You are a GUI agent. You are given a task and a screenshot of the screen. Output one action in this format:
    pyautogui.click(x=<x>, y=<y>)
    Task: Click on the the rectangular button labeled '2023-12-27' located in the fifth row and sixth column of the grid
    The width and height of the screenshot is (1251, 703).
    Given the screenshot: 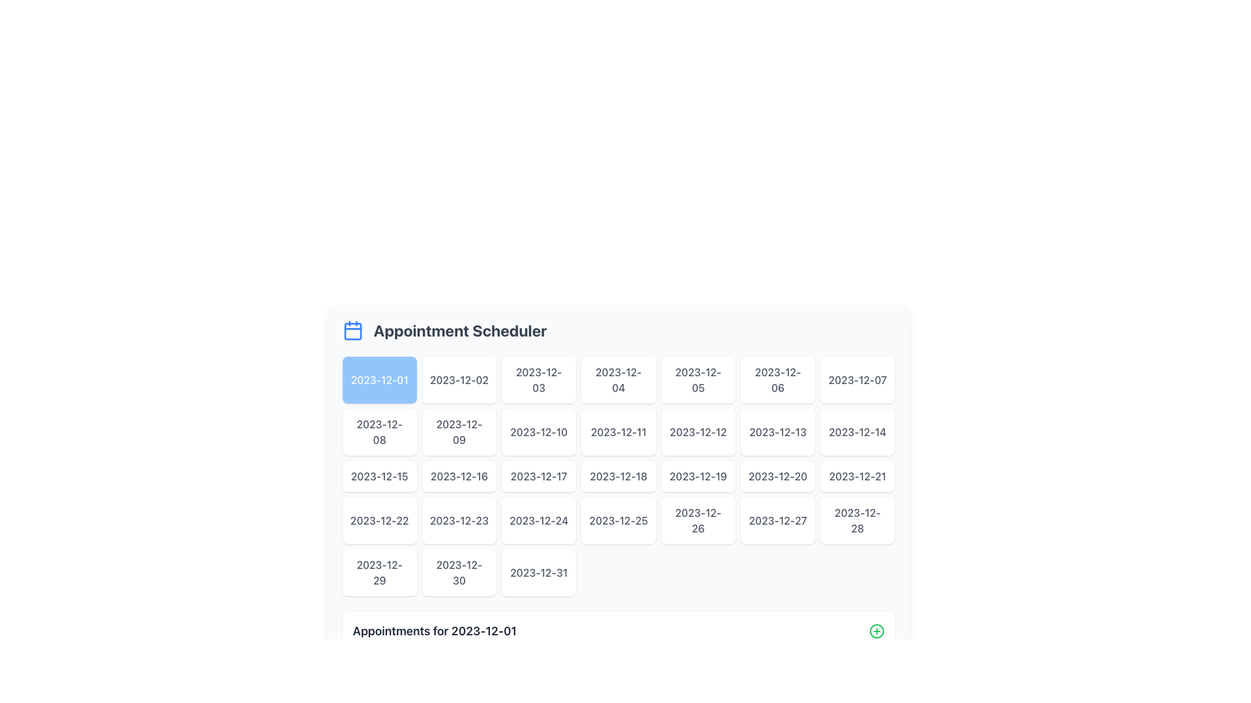 What is the action you would take?
    pyautogui.click(x=778, y=519)
    